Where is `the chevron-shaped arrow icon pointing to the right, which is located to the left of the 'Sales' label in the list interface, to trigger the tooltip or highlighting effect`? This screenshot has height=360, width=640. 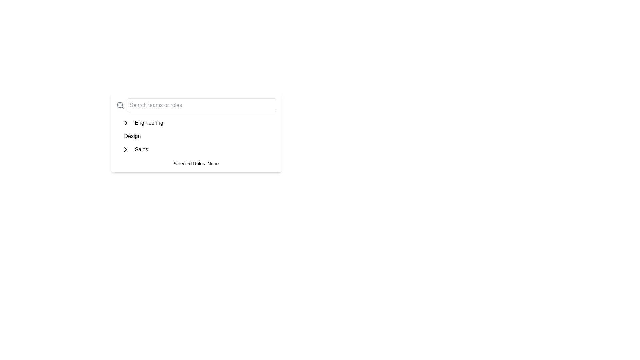
the chevron-shaped arrow icon pointing to the right, which is located to the left of the 'Sales' label in the list interface, to trigger the tooltip or highlighting effect is located at coordinates (125, 149).